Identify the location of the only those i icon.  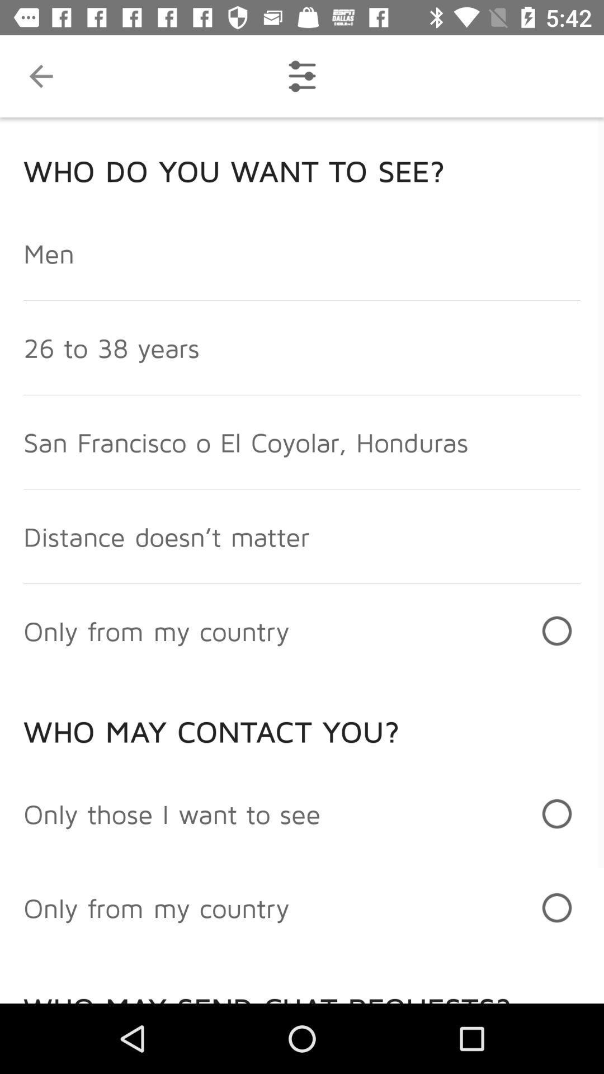
(172, 813).